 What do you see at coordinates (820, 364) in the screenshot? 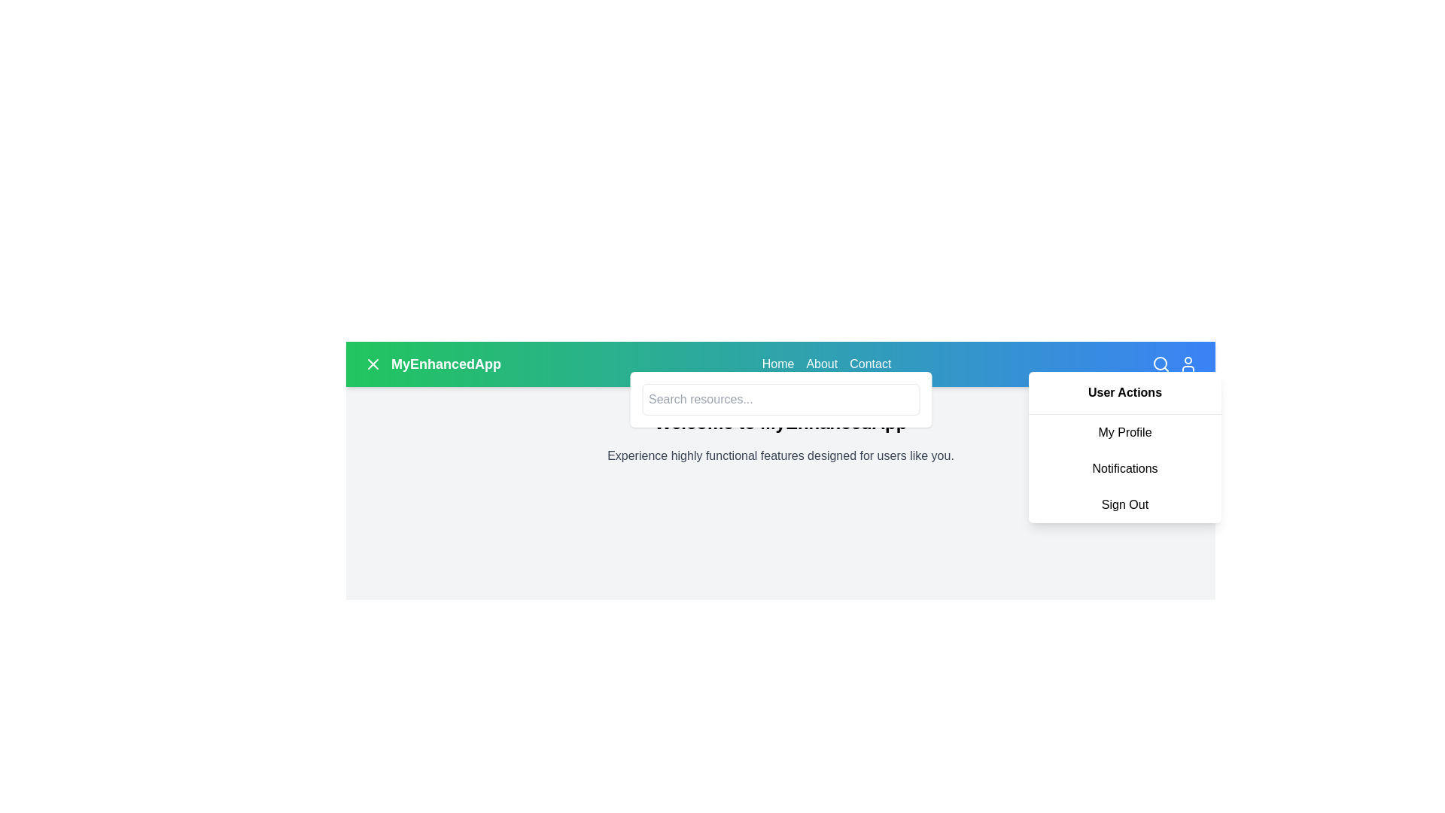
I see `the 'About' hyperlink located in the navigation bar, which is the second link between 'Home' and 'Contact'` at bounding box center [820, 364].